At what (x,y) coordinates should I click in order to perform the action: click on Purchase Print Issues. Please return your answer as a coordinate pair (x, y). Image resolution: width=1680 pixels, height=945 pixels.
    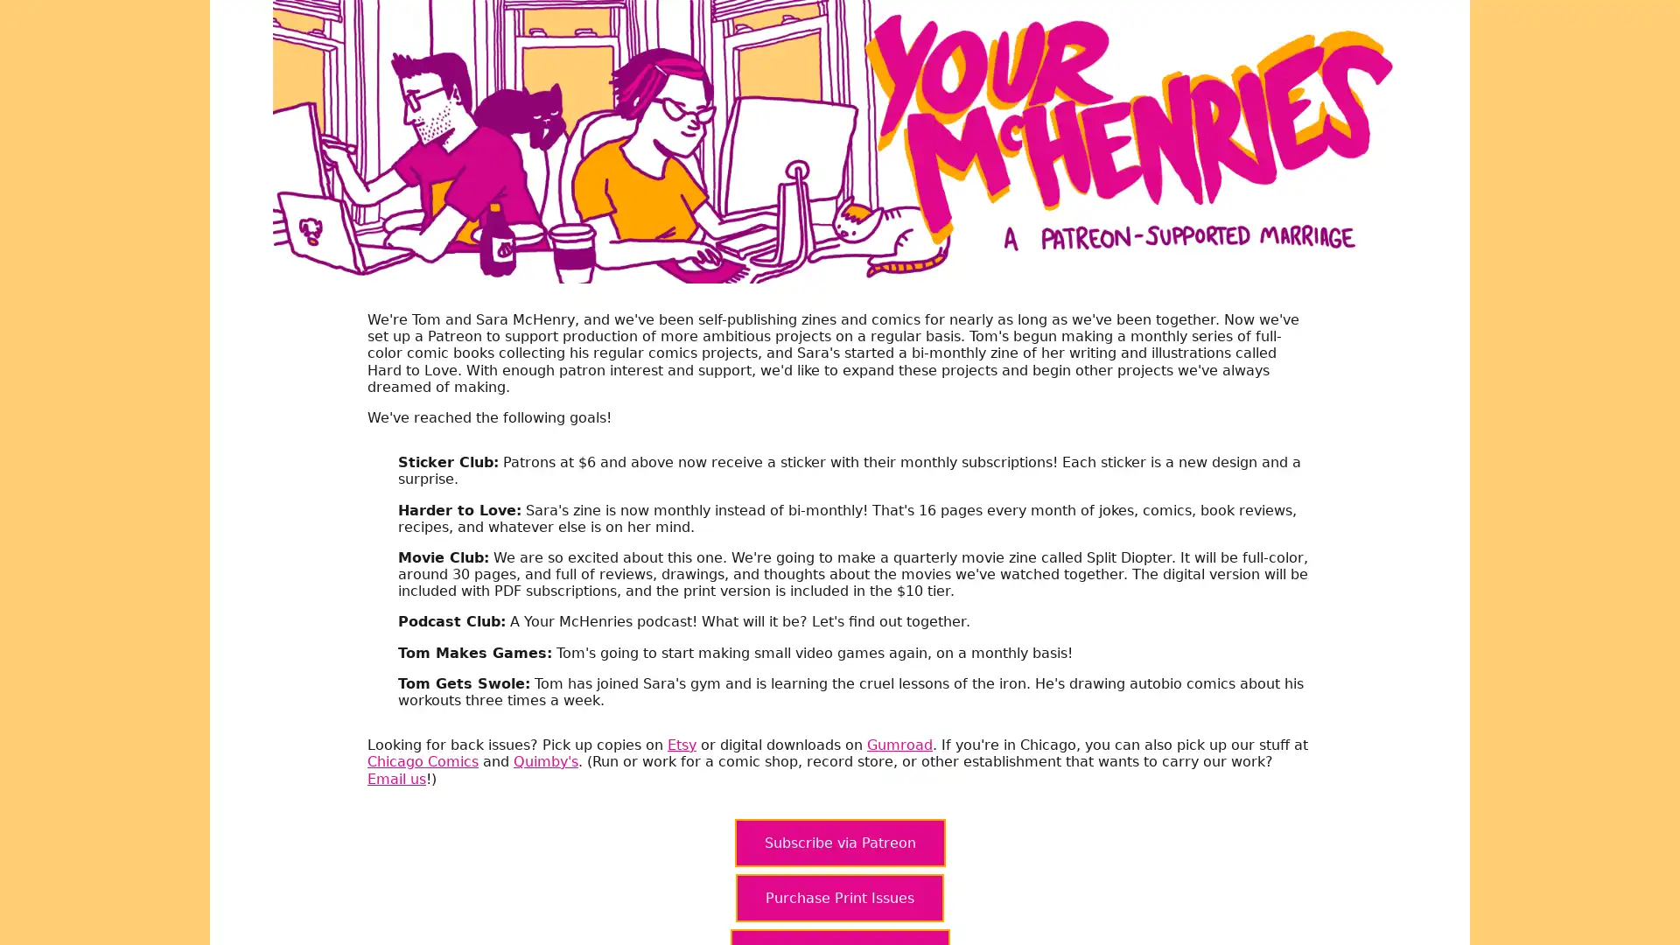
    Looking at the image, I should click on (840, 897).